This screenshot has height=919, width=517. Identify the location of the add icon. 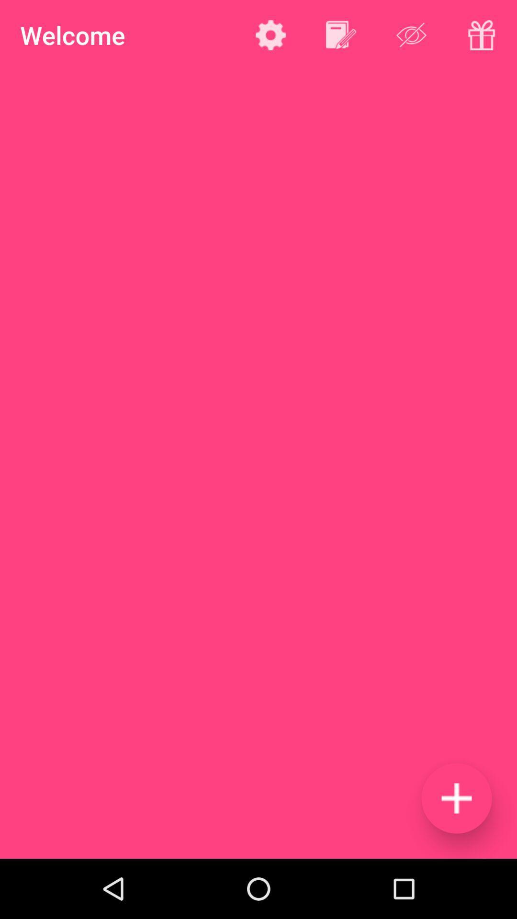
(456, 798).